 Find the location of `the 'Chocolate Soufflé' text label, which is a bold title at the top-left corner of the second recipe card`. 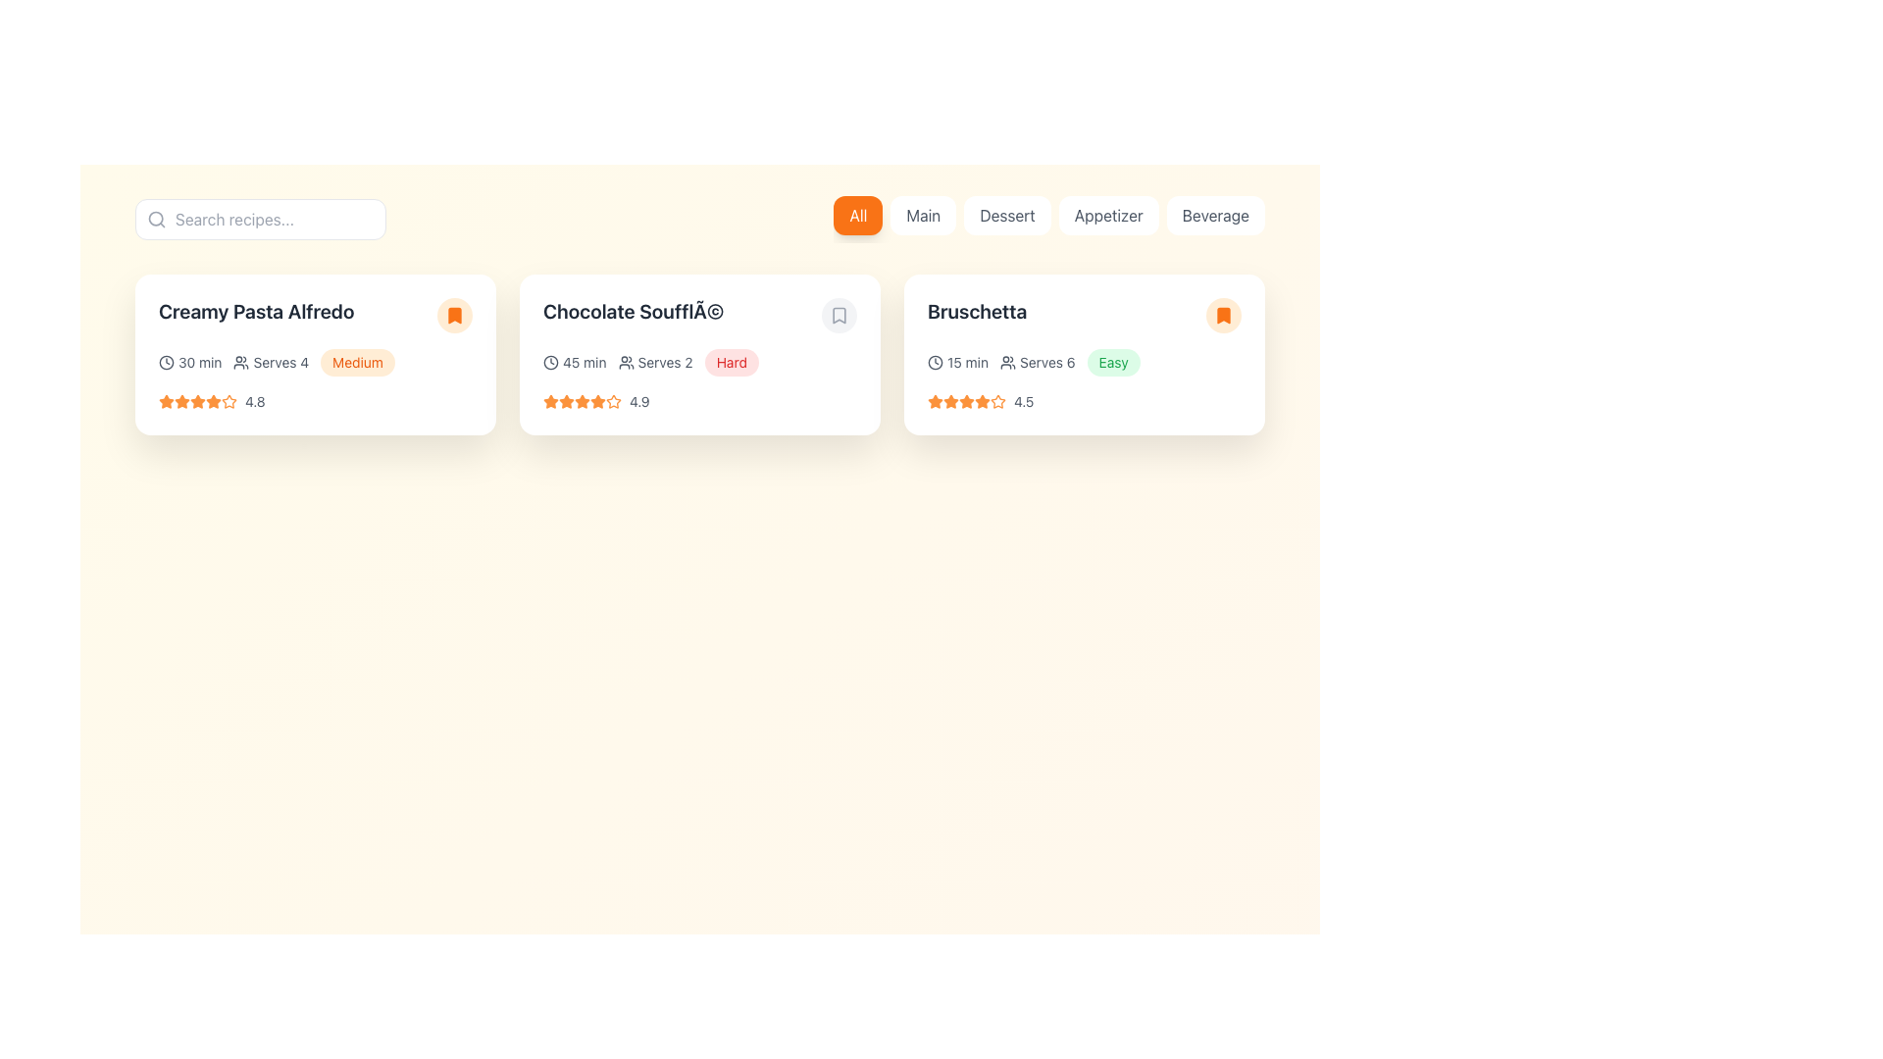

the 'Chocolate Soufflé' text label, which is a bold title at the top-left corner of the second recipe card is located at coordinates (634, 310).